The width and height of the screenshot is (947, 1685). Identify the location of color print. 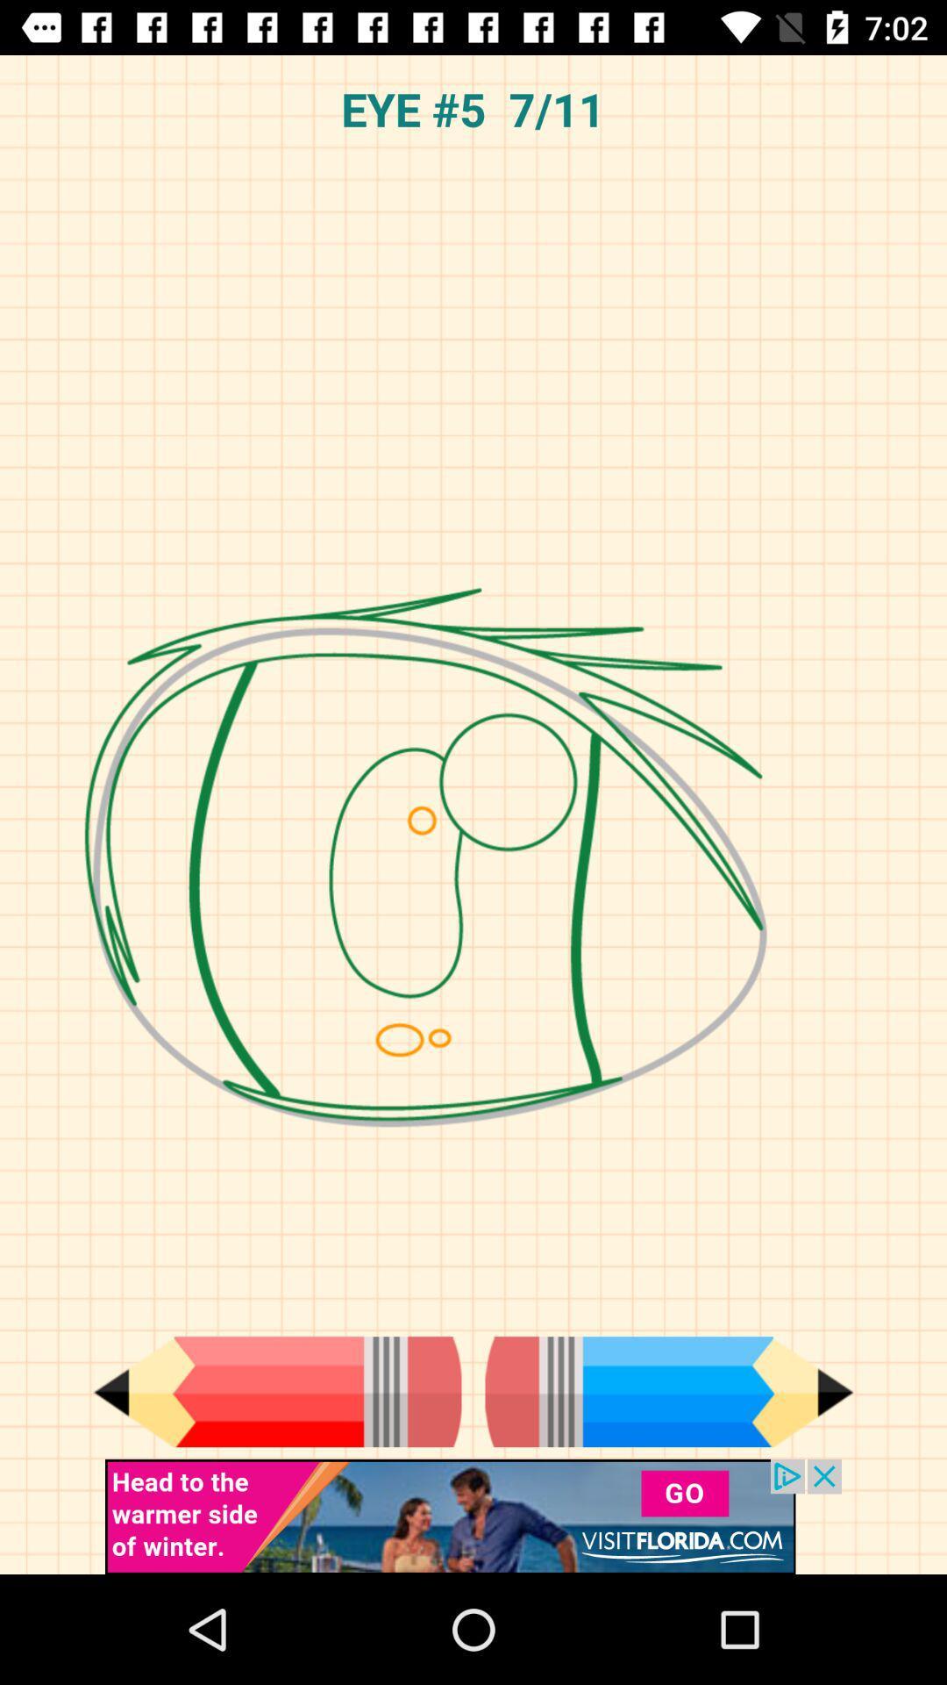
(276, 1391).